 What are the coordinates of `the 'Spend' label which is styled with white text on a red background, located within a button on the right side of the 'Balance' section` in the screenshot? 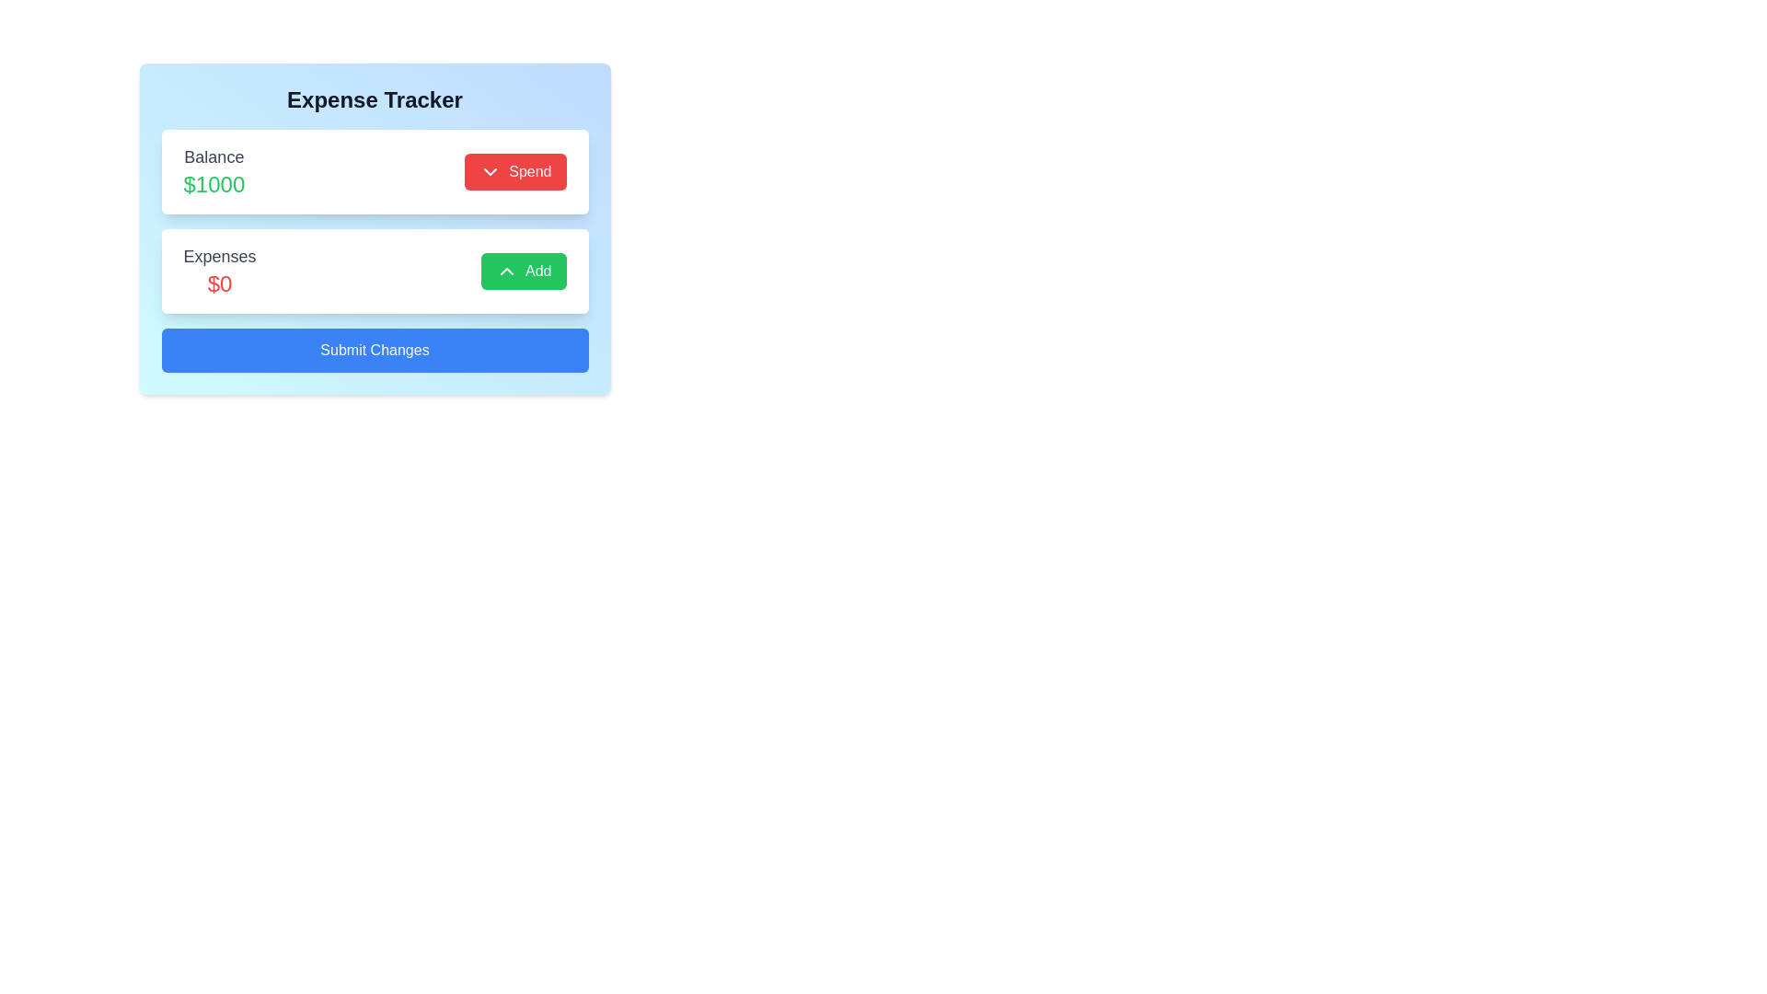 It's located at (529, 171).